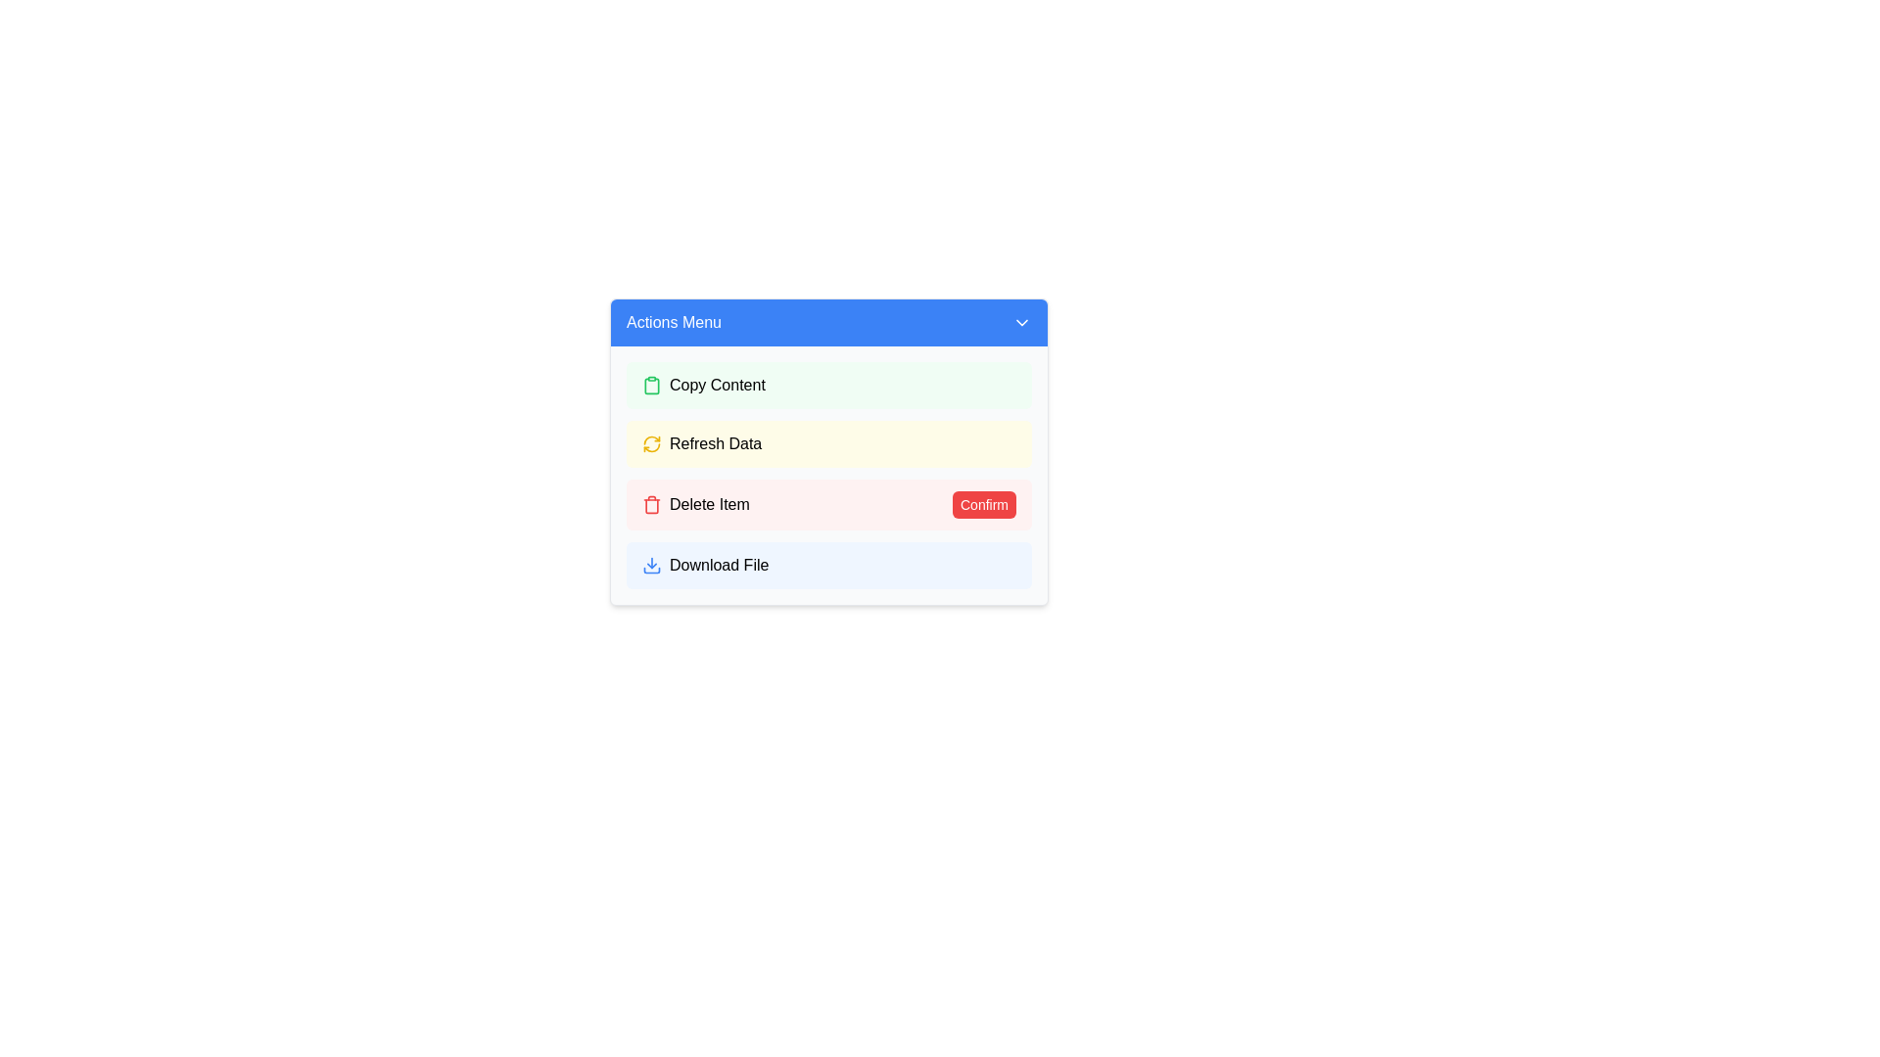 The image size is (1880, 1057). Describe the element at coordinates (652, 566) in the screenshot. I see `the 'Download File' icon located at the far left side of the action menu list` at that location.